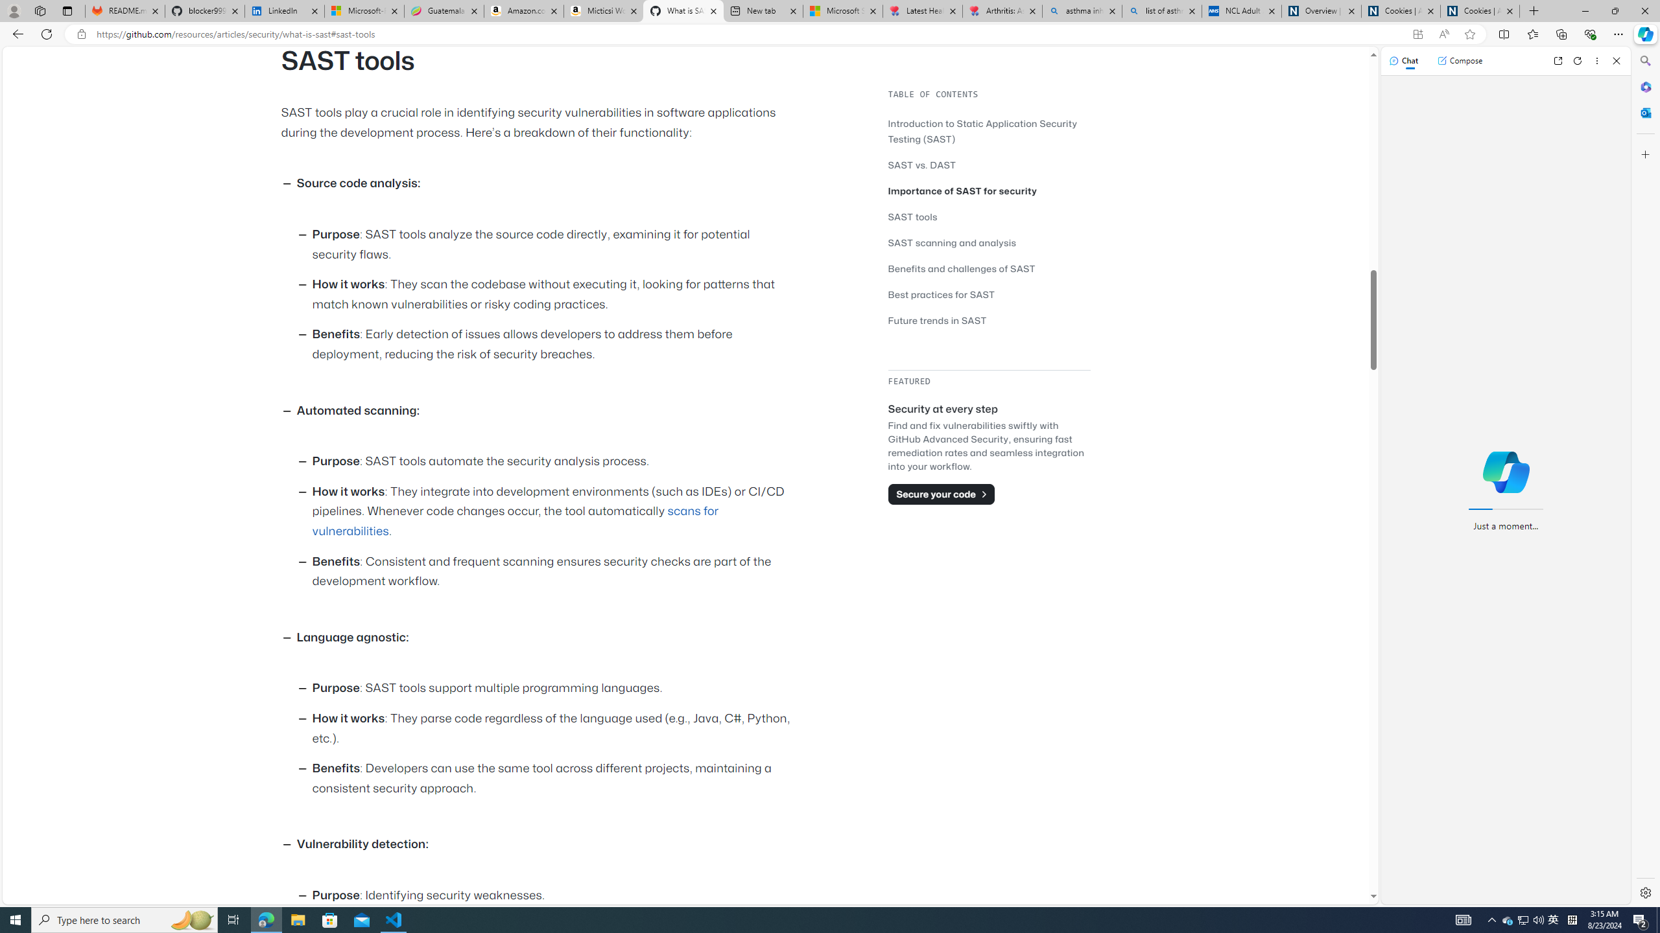 Image resolution: width=1660 pixels, height=933 pixels. I want to click on 'Close Customize pane', so click(1644, 154).